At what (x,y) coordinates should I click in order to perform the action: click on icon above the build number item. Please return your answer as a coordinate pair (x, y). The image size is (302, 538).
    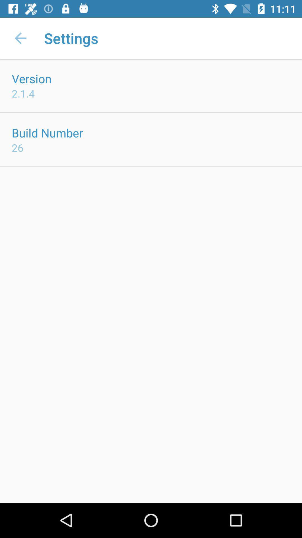
    Looking at the image, I should click on (23, 93).